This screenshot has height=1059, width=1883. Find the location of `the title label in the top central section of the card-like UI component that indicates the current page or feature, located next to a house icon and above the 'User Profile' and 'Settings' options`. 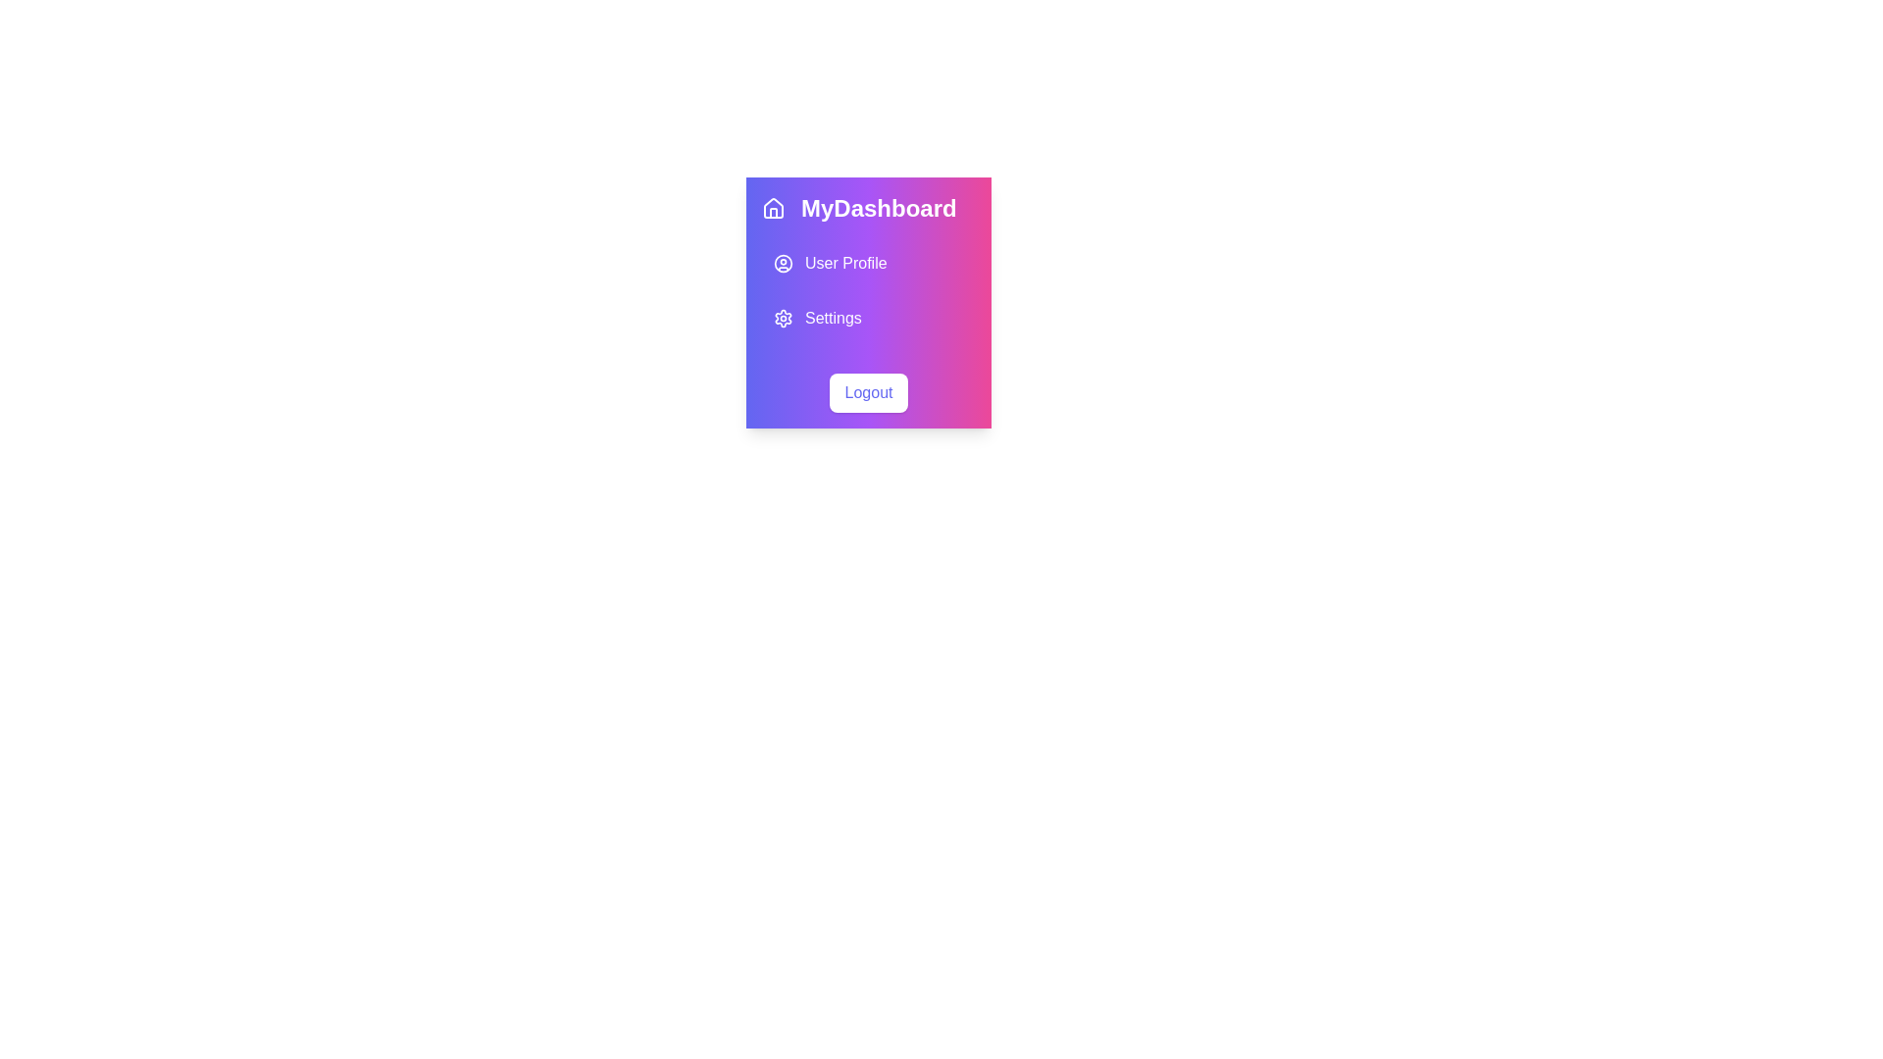

the title label in the top central section of the card-like UI component that indicates the current page or feature, located next to a house icon and above the 'User Profile' and 'Settings' options is located at coordinates (878, 208).